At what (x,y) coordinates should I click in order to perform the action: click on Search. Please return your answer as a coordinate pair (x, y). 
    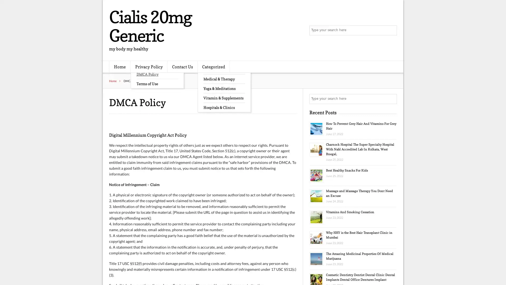
    Looking at the image, I should click on (391, 30).